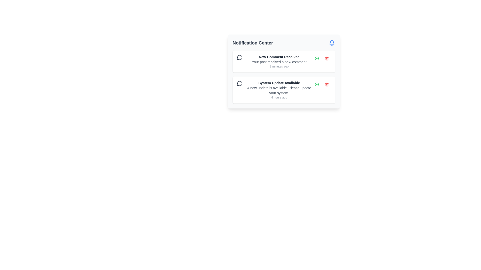 The image size is (481, 270). What do you see at coordinates (239, 57) in the screenshot?
I see `the speech bubble icon representing a comment or message in the 'New Comment Received' notification card located at the top of the Notification Center` at bounding box center [239, 57].